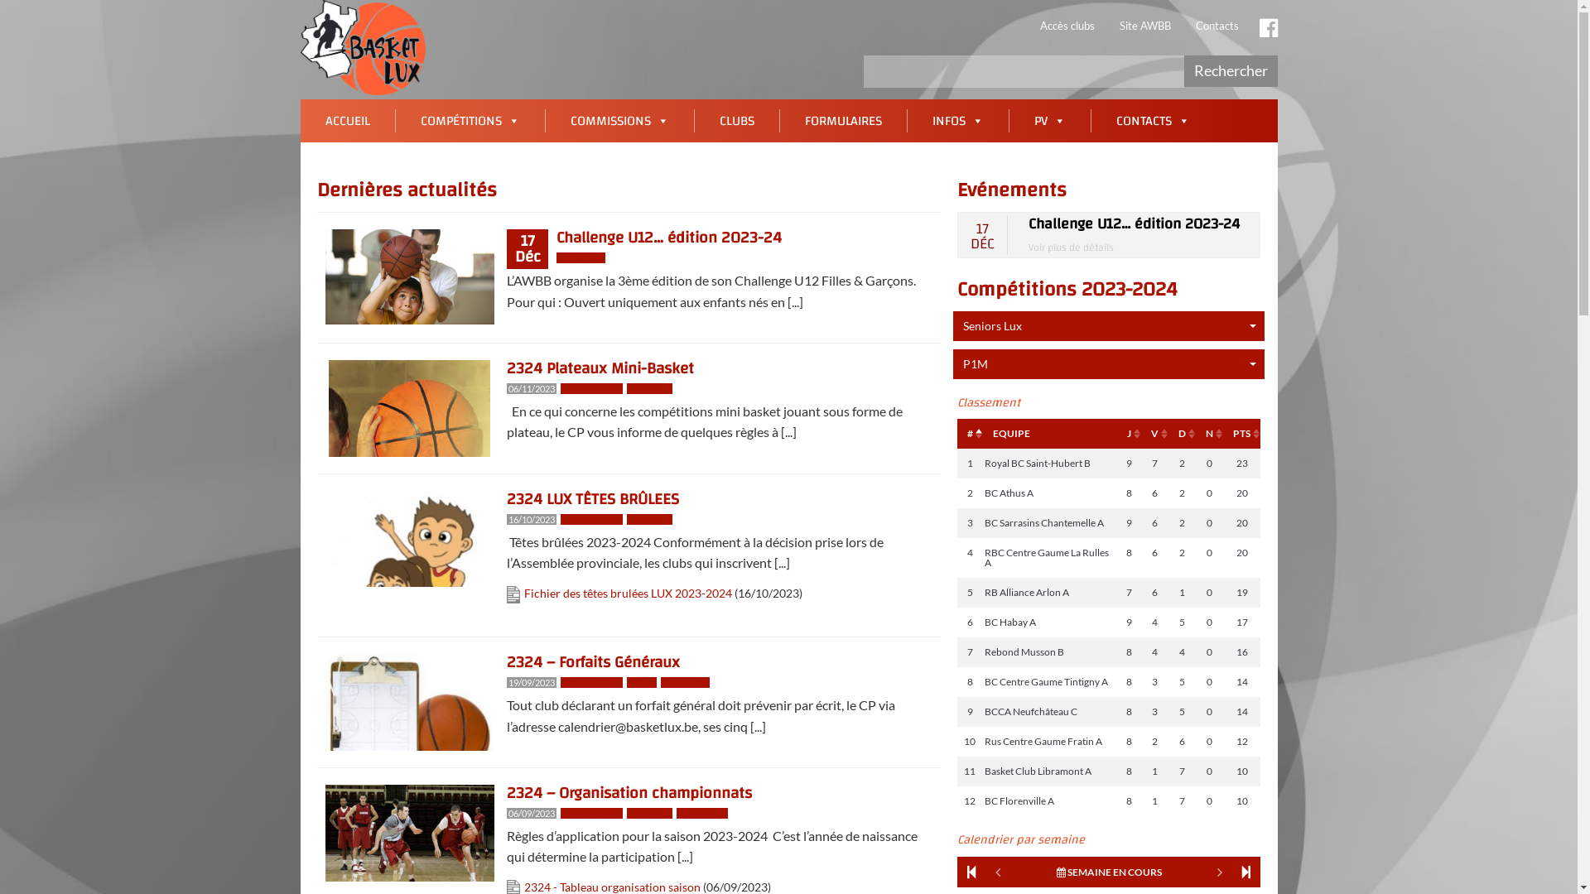 This screenshot has height=894, width=1590. I want to click on 'Logo', so click(361, 46).